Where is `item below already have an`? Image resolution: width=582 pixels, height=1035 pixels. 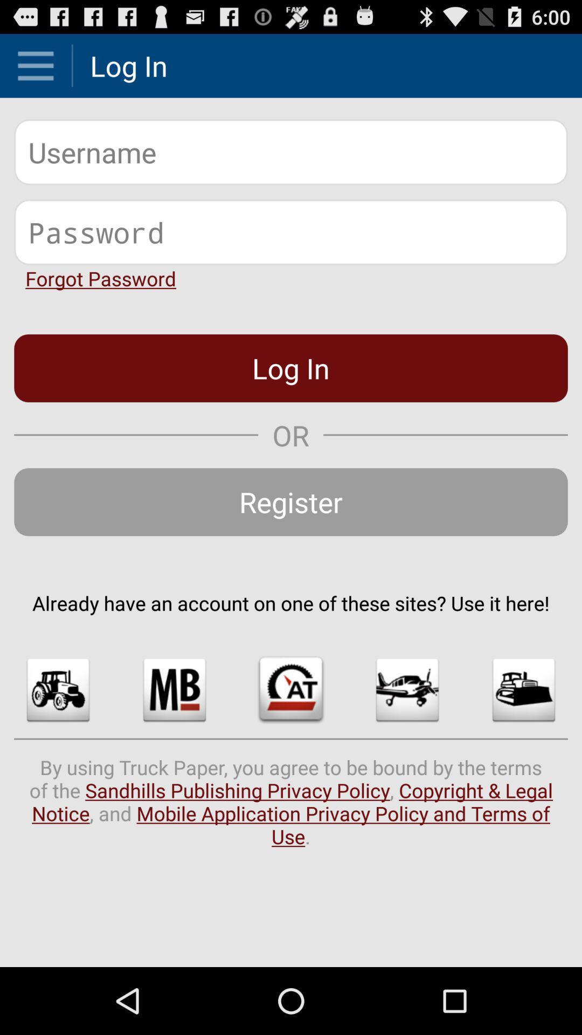
item below already have an is located at coordinates (291, 690).